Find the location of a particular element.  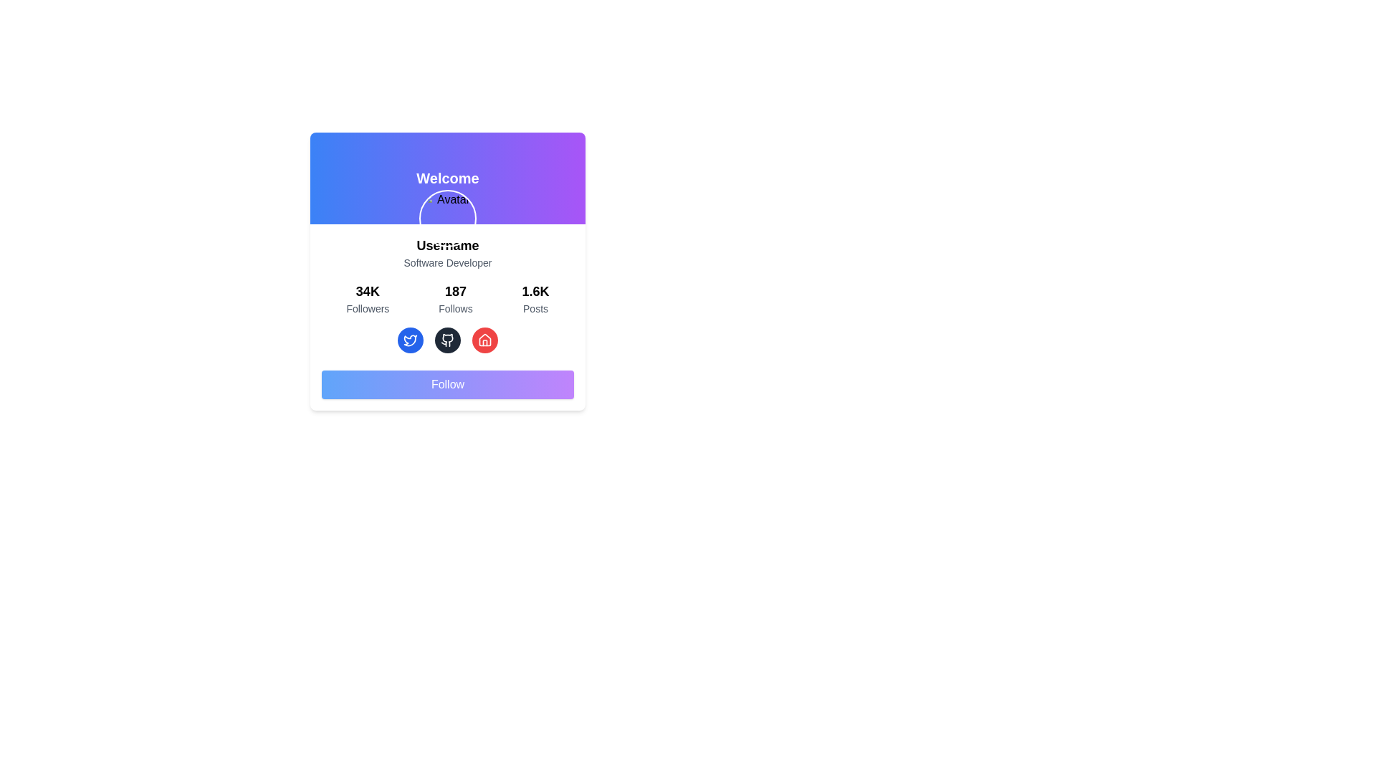

numerical value '187' and the descriptive text 'Follows' from the Text Display located between the 'Followers' and 'Posts' components is located at coordinates (454, 297).